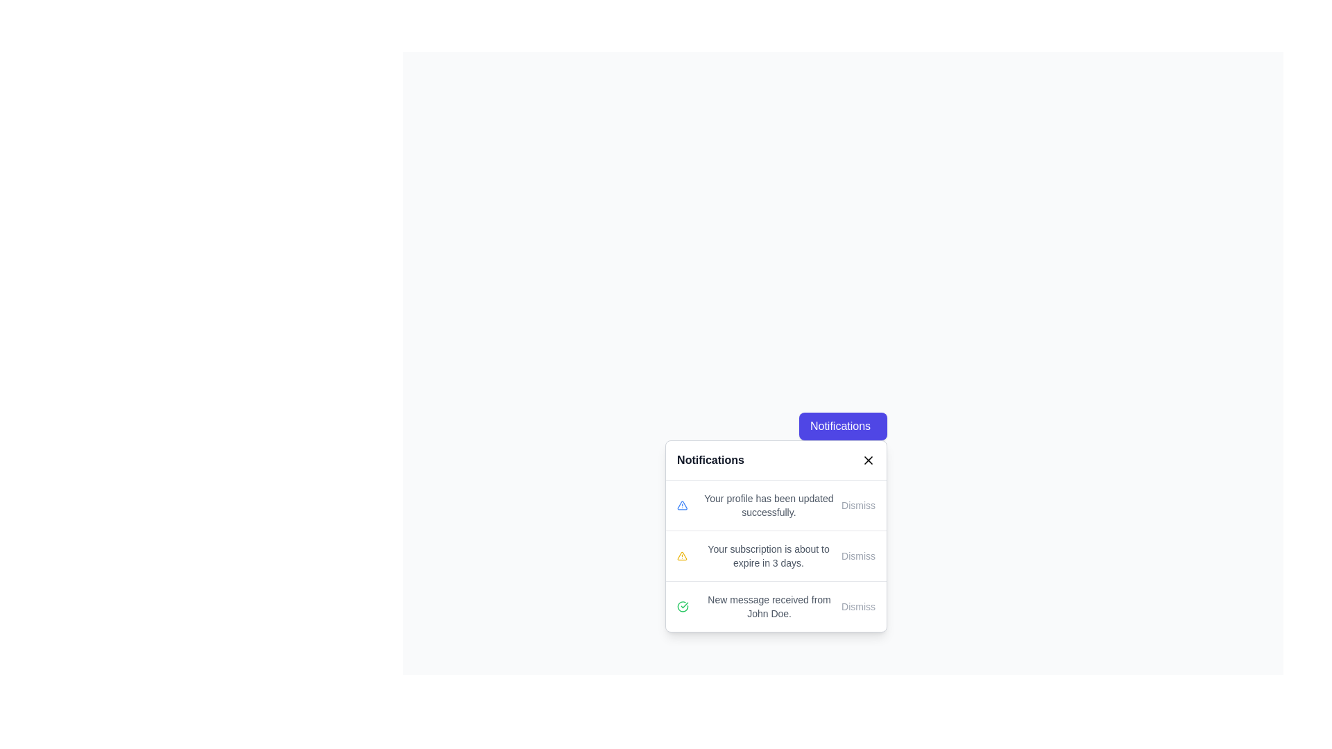 The image size is (1332, 749). Describe the element at coordinates (758, 556) in the screenshot. I see `the second contextual notification message which is styled with gray text and includes a yellow alert icon` at that location.